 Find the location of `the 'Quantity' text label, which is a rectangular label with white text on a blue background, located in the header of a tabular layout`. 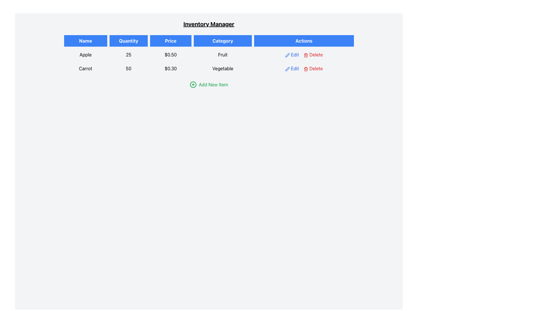

the 'Quantity' text label, which is a rectangular label with white text on a blue background, located in the header of a tabular layout is located at coordinates (128, 41).